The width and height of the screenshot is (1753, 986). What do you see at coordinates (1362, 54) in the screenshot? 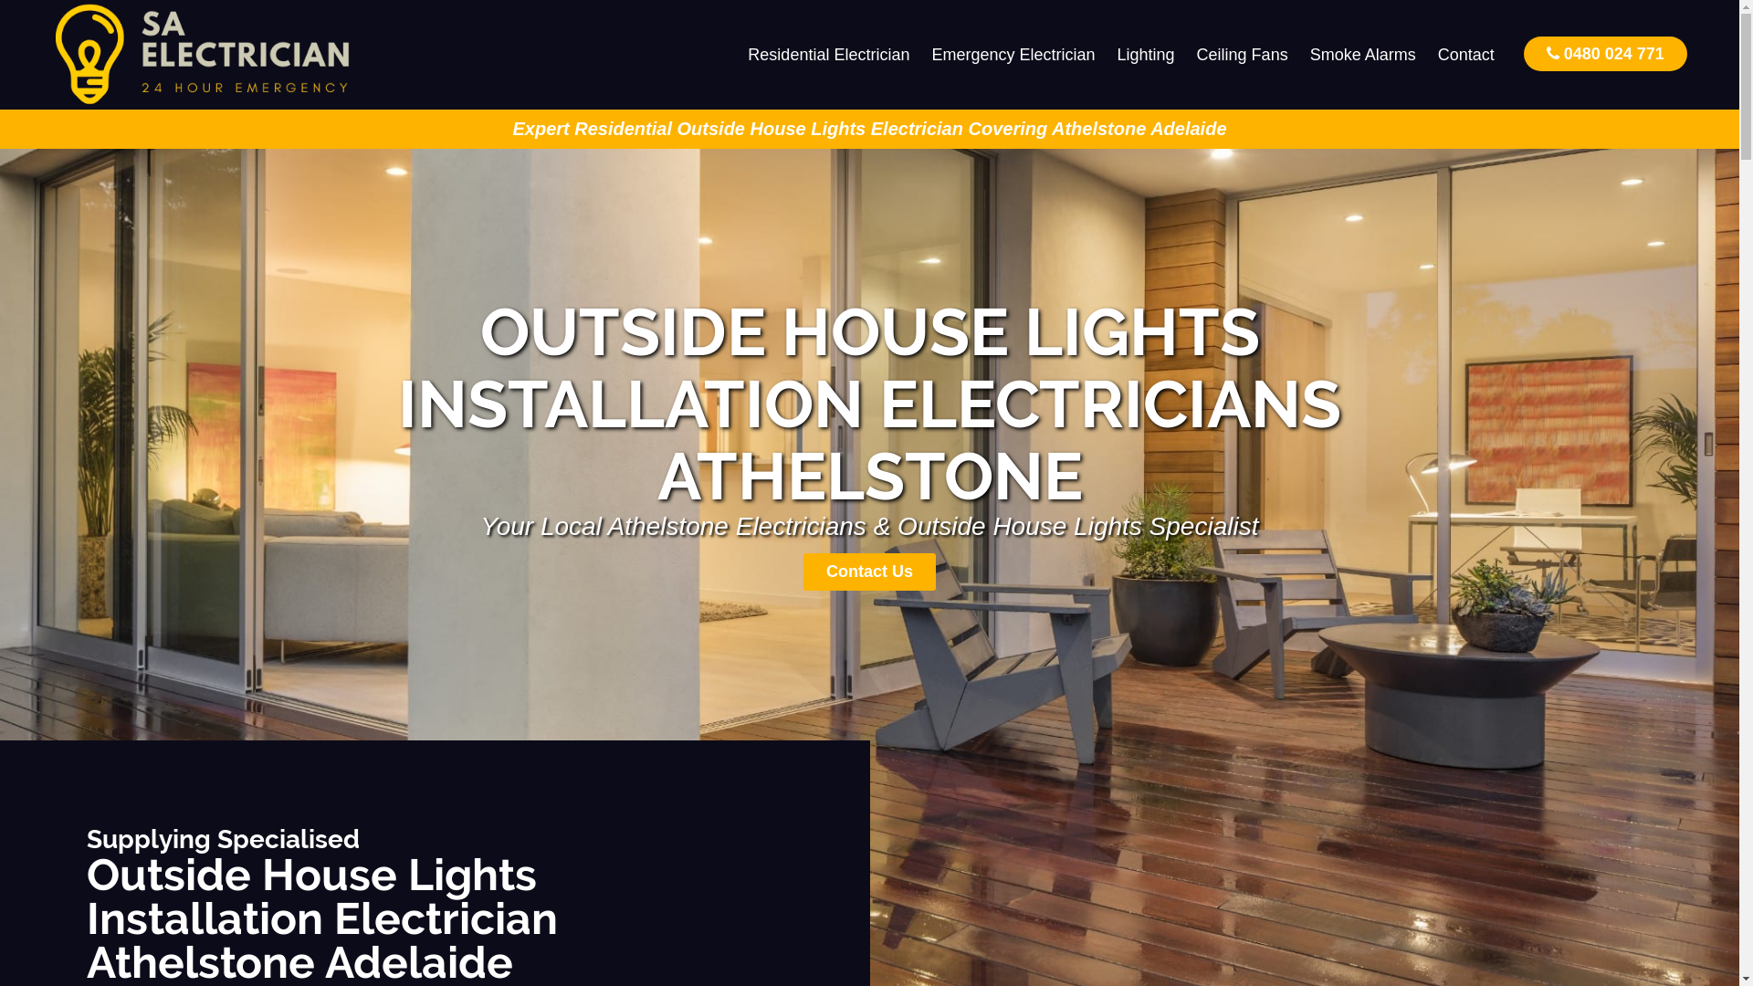
I see `'Smoke Alarms'` at bounding box center [1362, 54].